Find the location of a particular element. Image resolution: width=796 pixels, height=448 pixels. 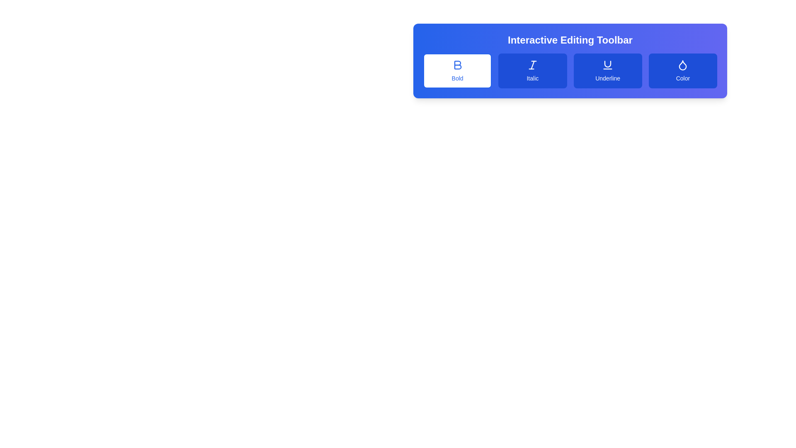

the header text 'Interactive Editing Toolbar' which is styled with a bold font and set against a blue gradient background is located at coordinates (570, 40).